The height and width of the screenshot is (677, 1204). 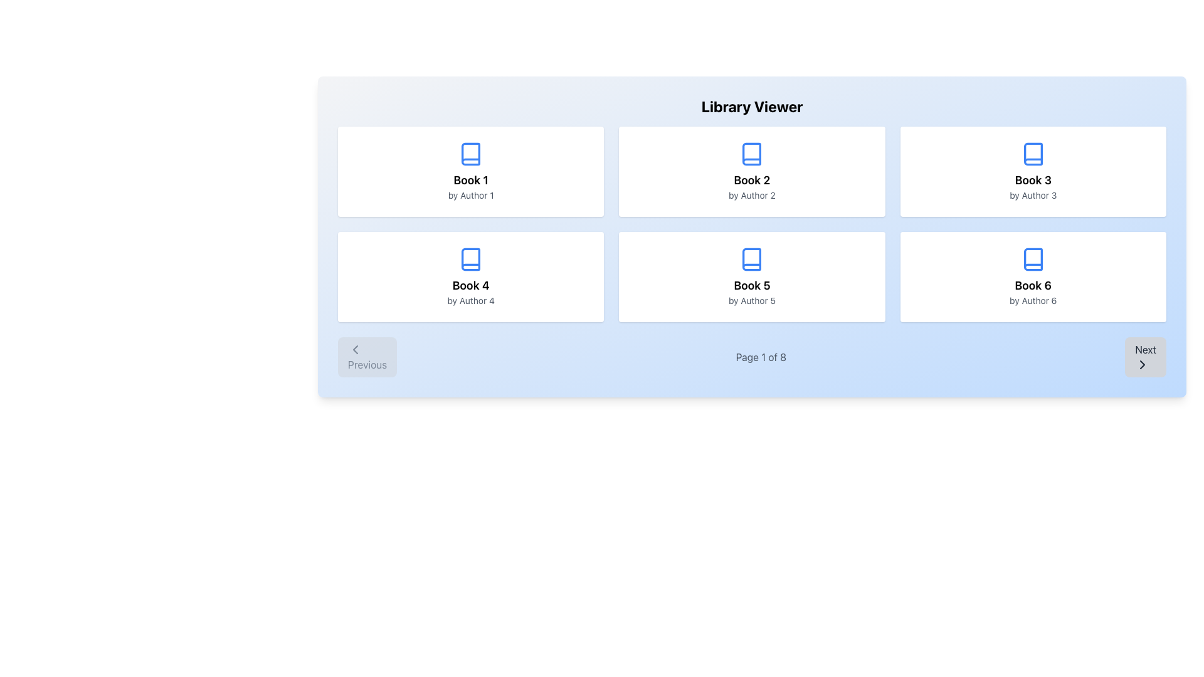 I want to click on the small book icon with a vibrant blue outline located in the first position of the icon grid, directly above the label 'Book 1', so click(x=470, y=154).